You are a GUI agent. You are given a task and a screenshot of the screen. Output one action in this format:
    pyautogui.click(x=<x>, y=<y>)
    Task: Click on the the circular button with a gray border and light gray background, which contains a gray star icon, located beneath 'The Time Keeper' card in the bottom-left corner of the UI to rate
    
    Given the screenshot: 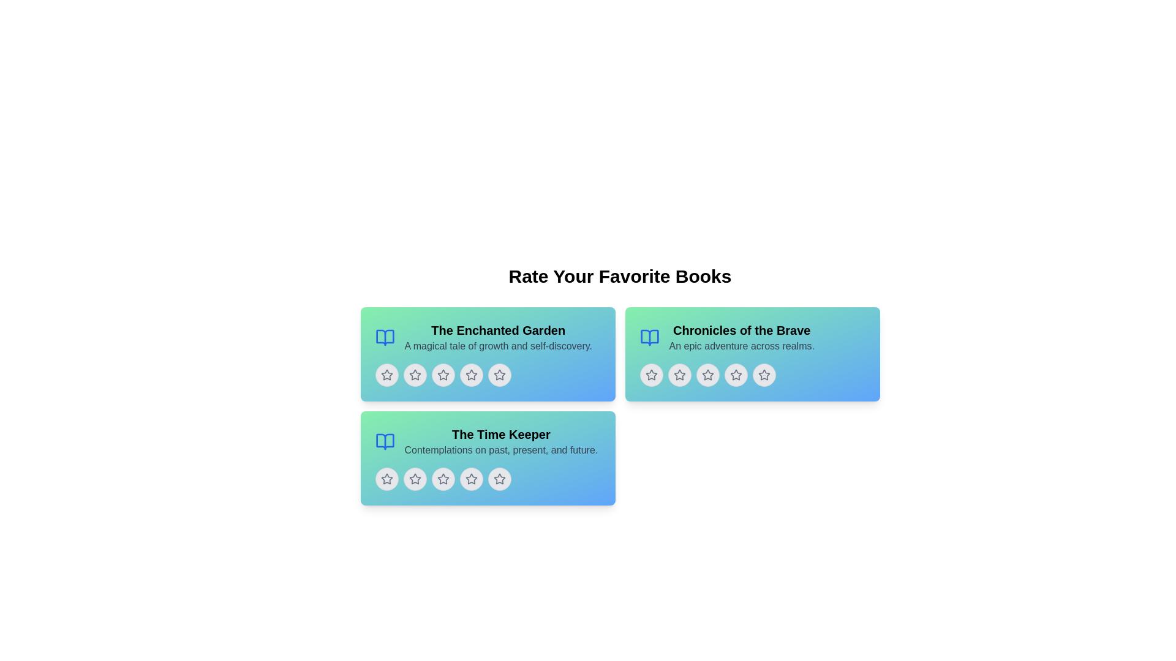 What is the action you would take?
    pyautogui.click(x=386, y=479)
    